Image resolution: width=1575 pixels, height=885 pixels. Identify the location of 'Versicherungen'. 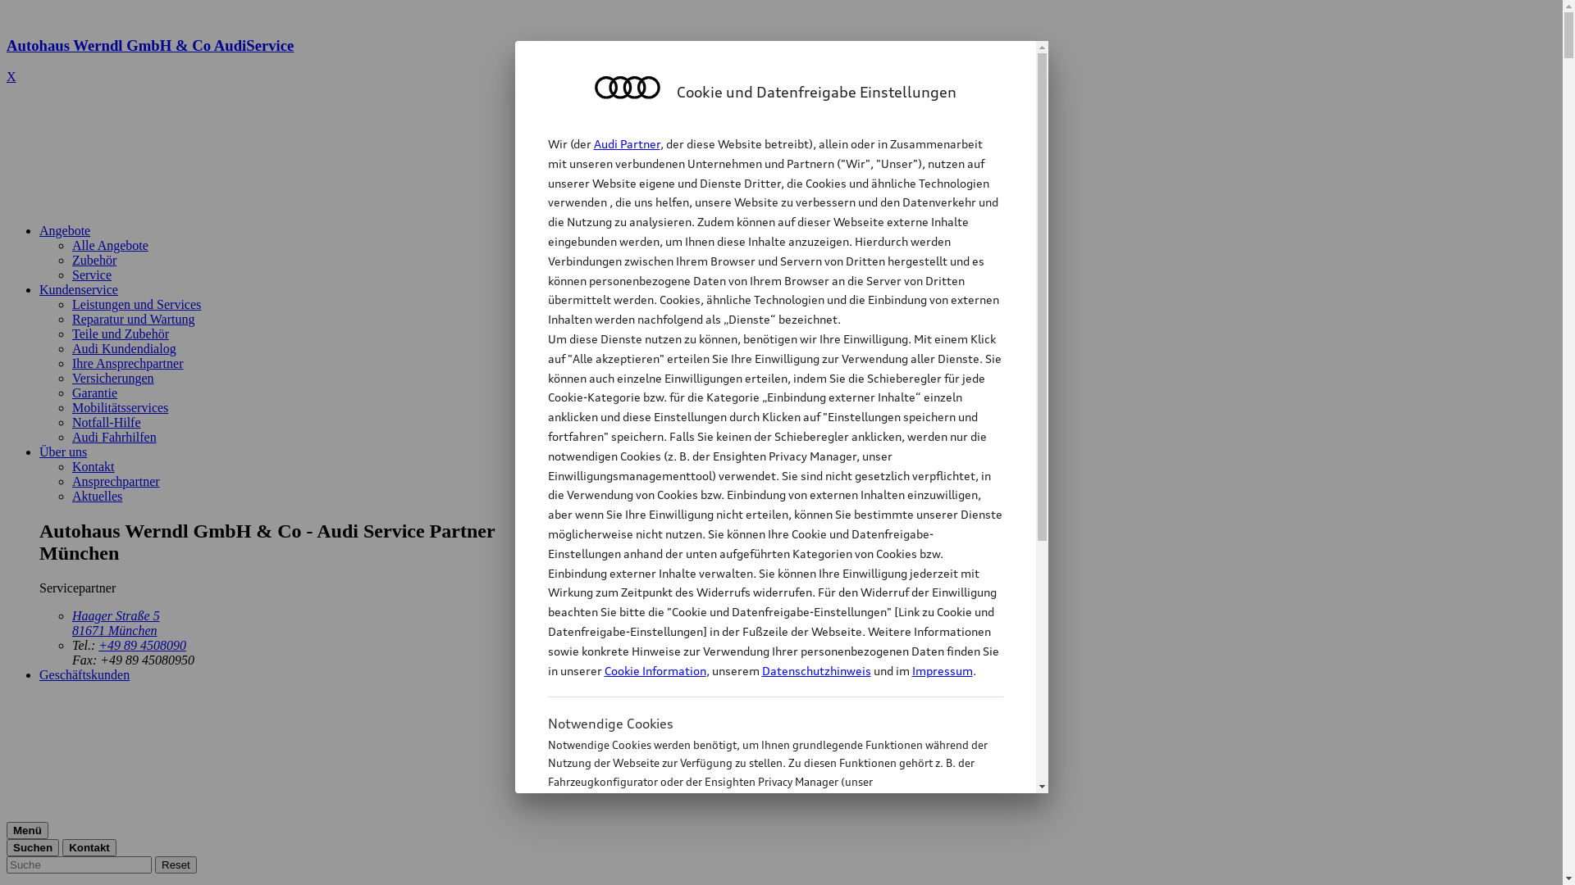
(71, 378).